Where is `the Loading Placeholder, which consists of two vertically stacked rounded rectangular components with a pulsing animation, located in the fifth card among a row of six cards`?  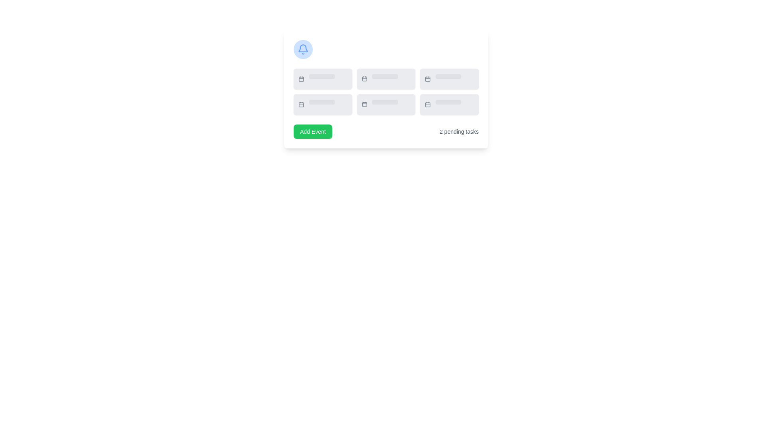 the Loading Placeholder, which consists of two vertically stacked rounded rectangular components with a pulsing animation, located in the fifth card among a row of six cards is located at coordinates (391, 104).